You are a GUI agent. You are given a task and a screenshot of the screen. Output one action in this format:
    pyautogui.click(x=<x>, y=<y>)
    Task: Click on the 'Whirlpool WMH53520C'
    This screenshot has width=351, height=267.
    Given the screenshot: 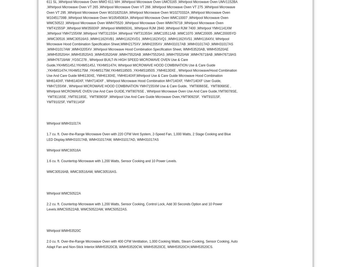 What is the action you would take?
    pyautogui.click(x=64, y=231)
    